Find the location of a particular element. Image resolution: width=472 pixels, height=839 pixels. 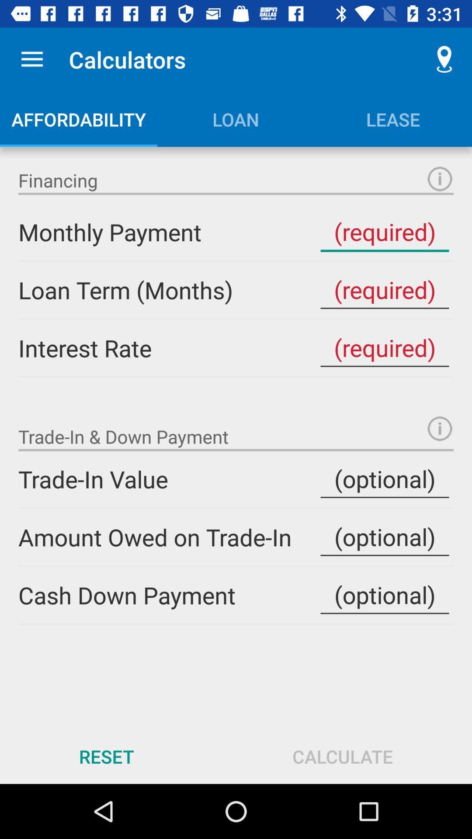

reset is located at coordinates (106, 756).